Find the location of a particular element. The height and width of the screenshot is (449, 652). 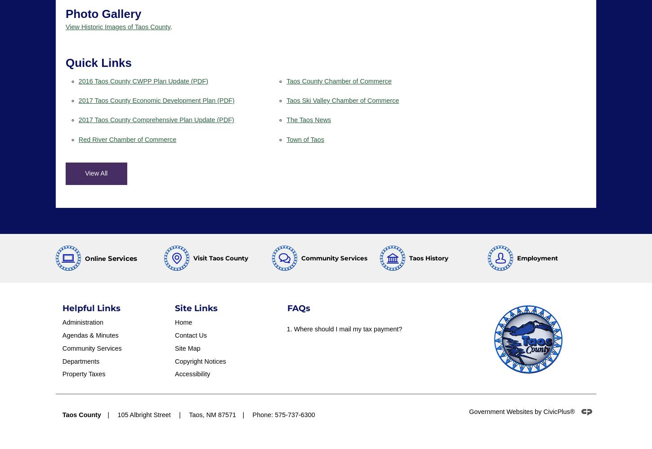

'Phone:' is located at coordinates (263, 414).